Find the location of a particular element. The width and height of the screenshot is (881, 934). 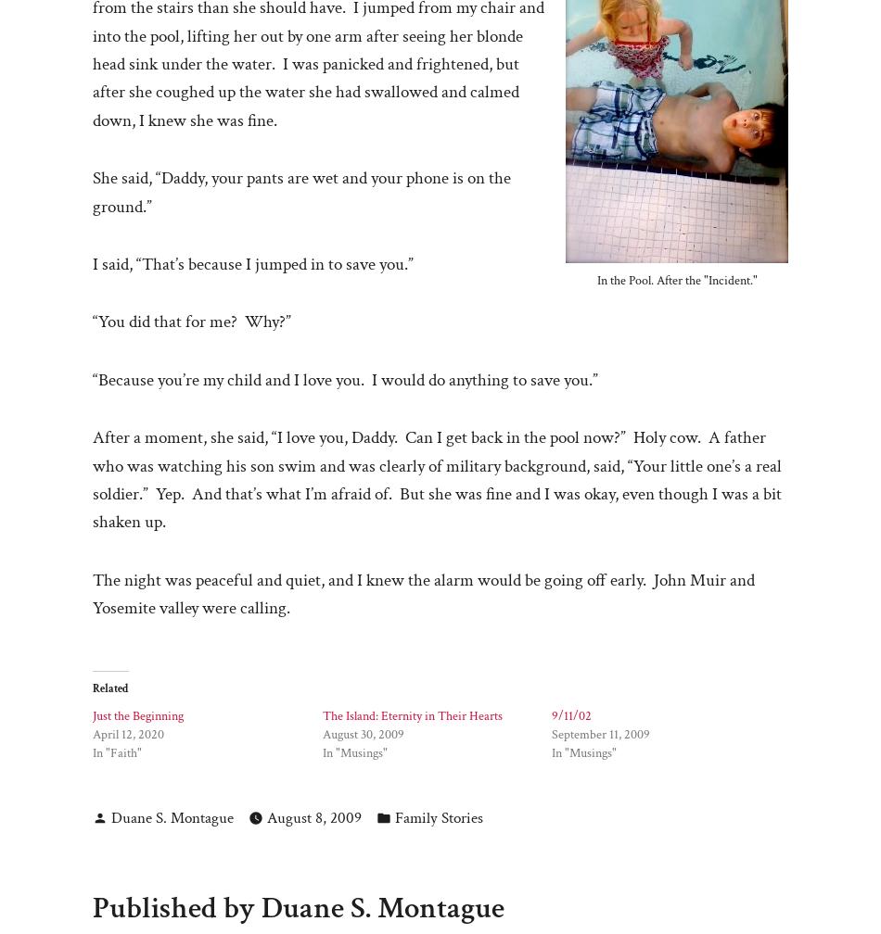

'August 8, 2009' is located at coordinates (266, 818).